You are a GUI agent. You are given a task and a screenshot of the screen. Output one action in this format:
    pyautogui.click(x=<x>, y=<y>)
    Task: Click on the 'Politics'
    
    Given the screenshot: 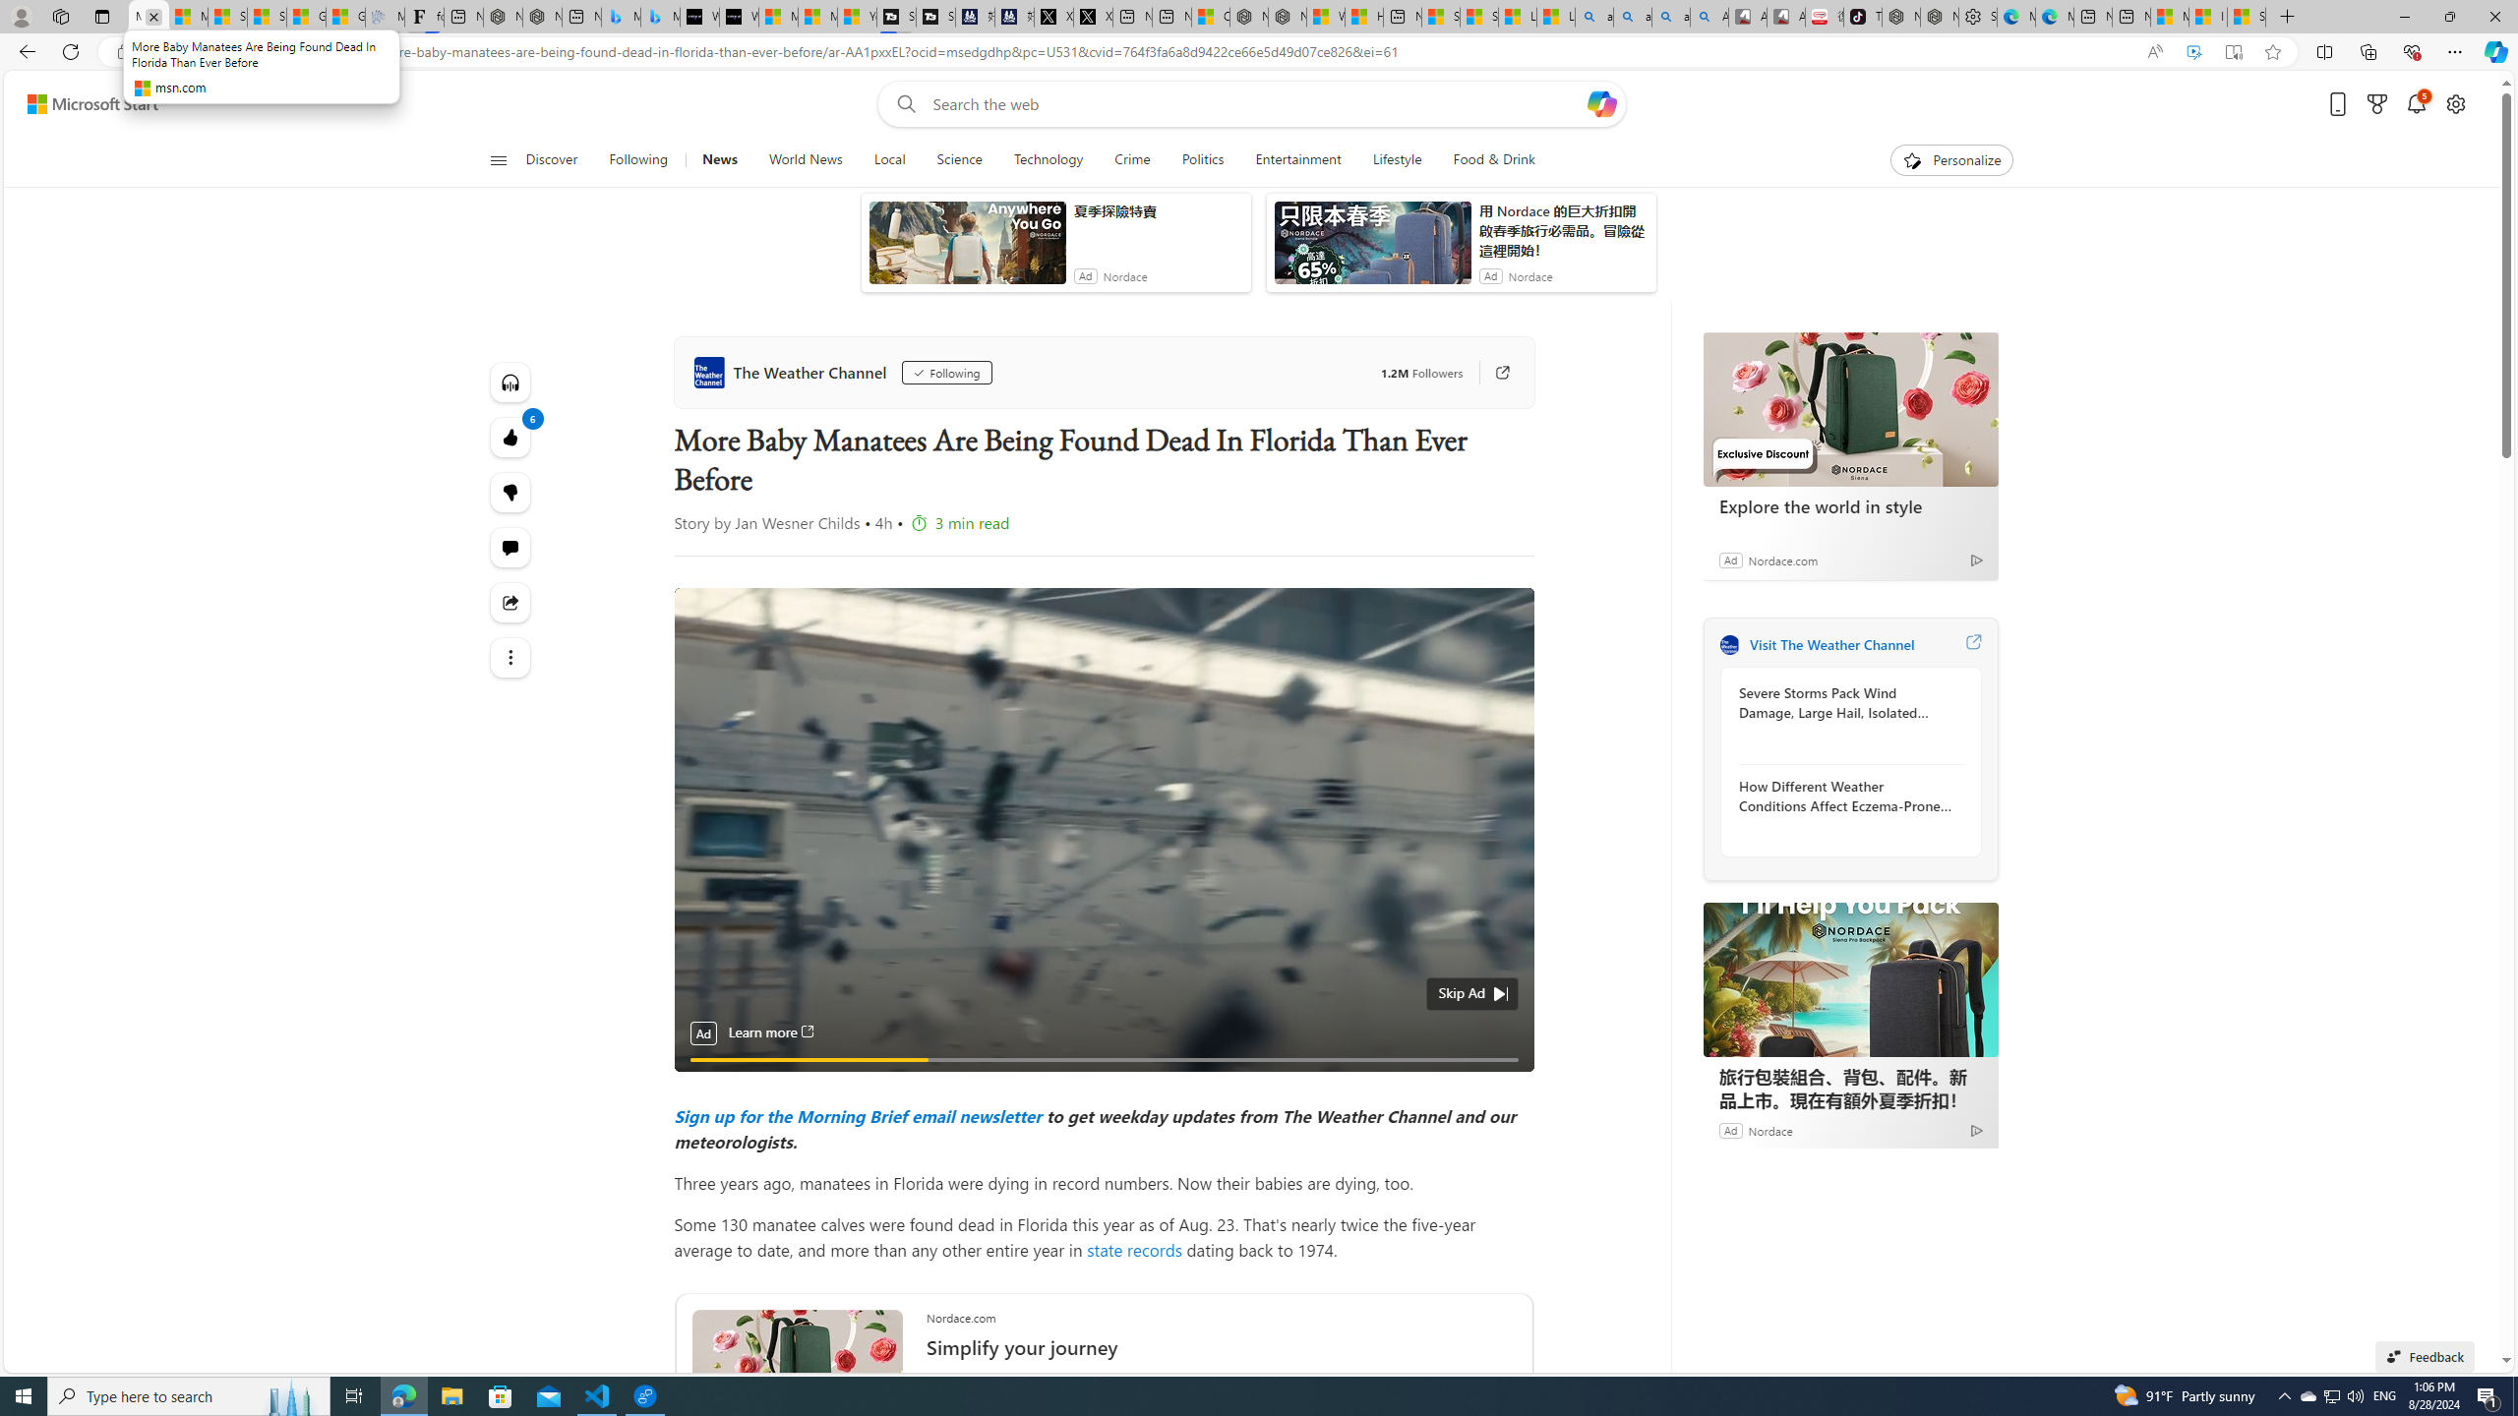 What is the action you would take?
    pyautogui.click(x=1202, y=159)
    